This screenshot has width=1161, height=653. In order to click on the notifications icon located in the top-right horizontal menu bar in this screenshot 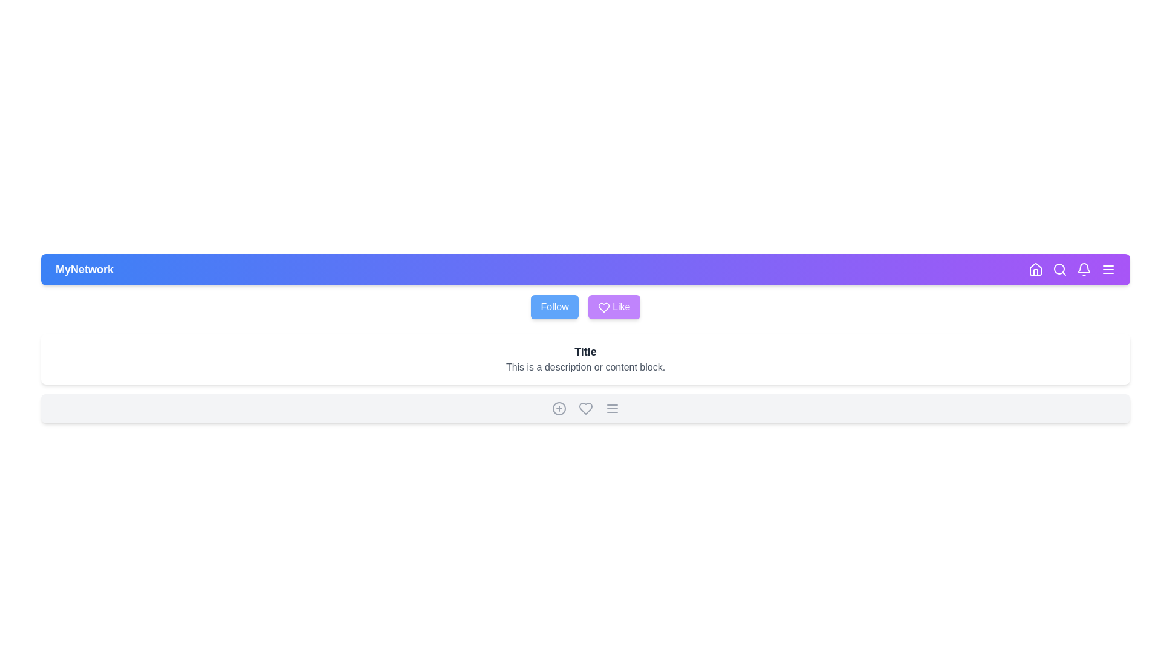, I will do `click(1084, 269)`.